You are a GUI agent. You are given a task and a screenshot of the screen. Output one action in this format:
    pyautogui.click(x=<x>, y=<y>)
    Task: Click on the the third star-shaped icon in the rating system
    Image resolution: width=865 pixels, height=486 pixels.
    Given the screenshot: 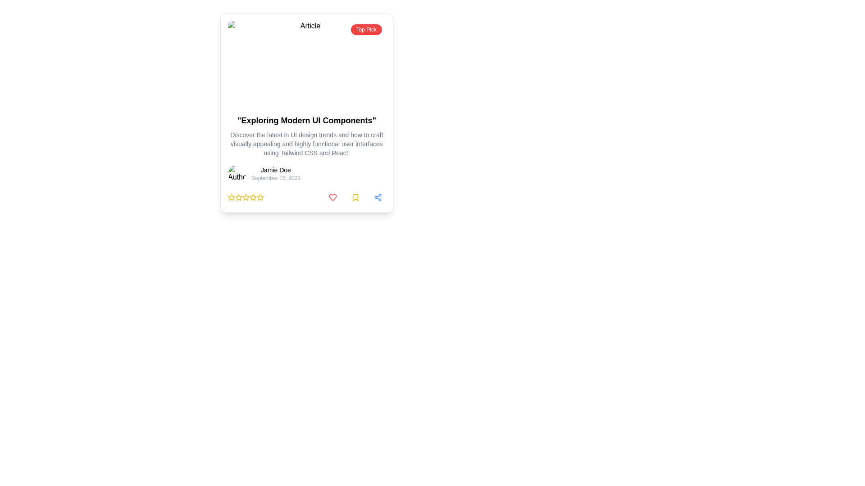 What is the action you would take?
    pyautogui.click(x=238, y=197)
    